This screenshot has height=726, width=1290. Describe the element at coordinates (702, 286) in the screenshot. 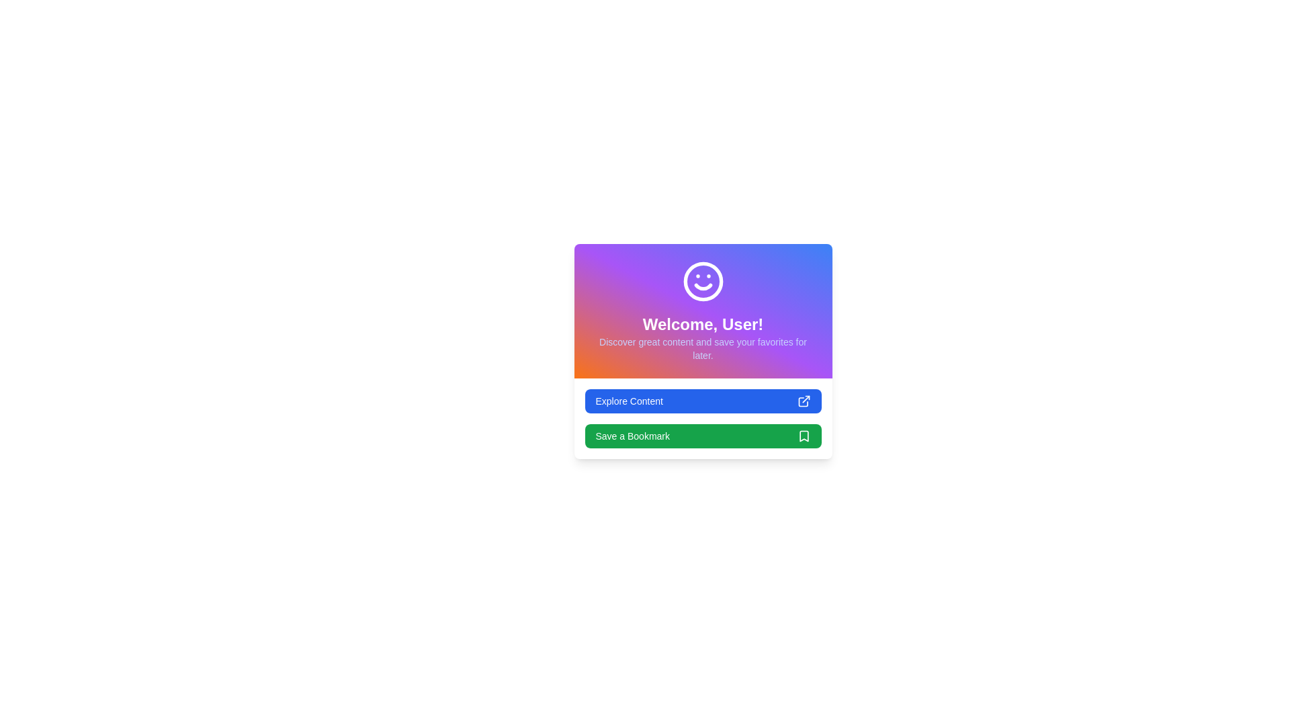

I see `the curved line representing the smiling mouth within the smiling face icon, which has a purple and blue gradient background` at that location.